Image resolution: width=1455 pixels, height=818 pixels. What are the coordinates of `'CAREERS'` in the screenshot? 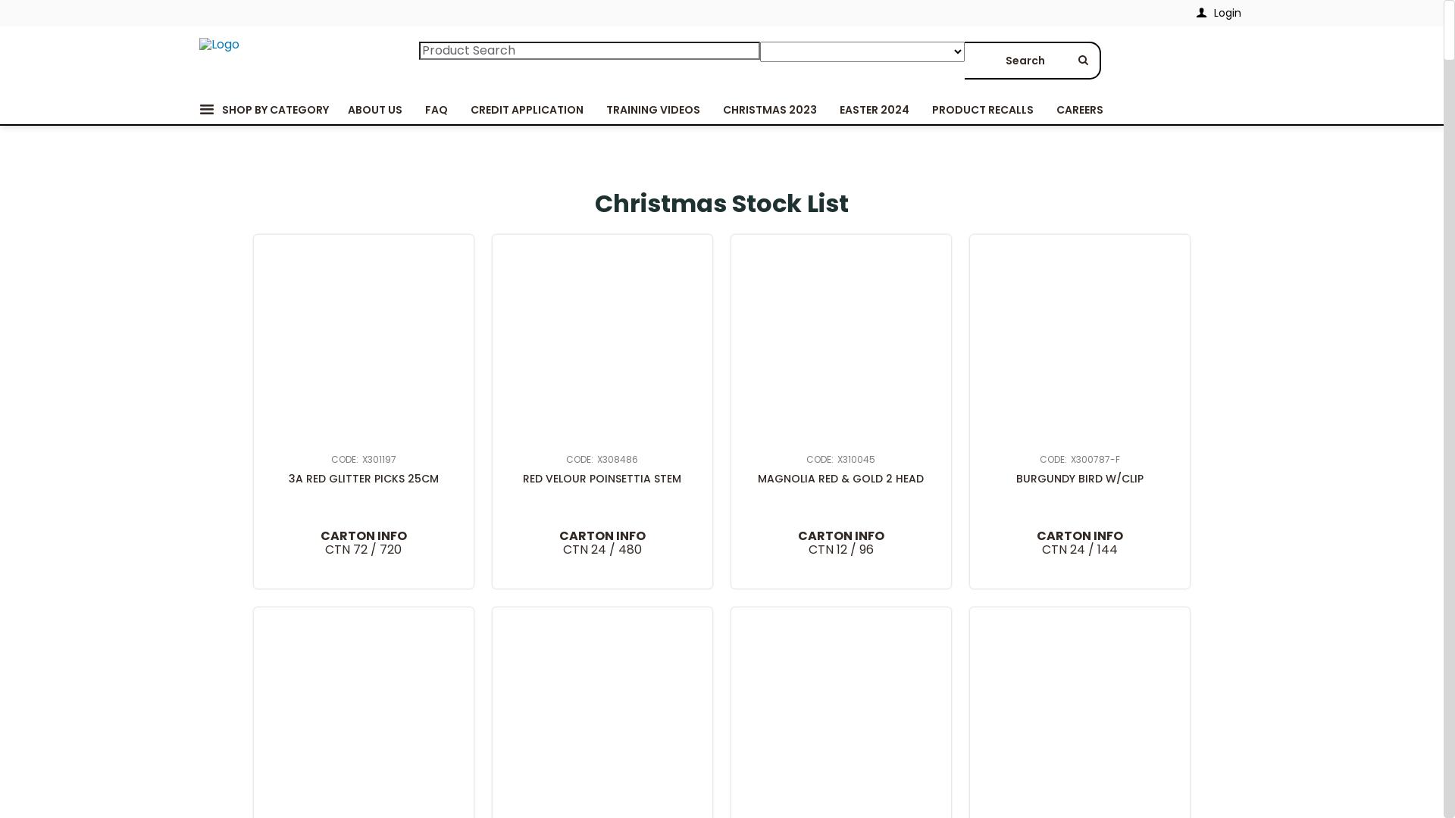 It's located at (1078, 109).